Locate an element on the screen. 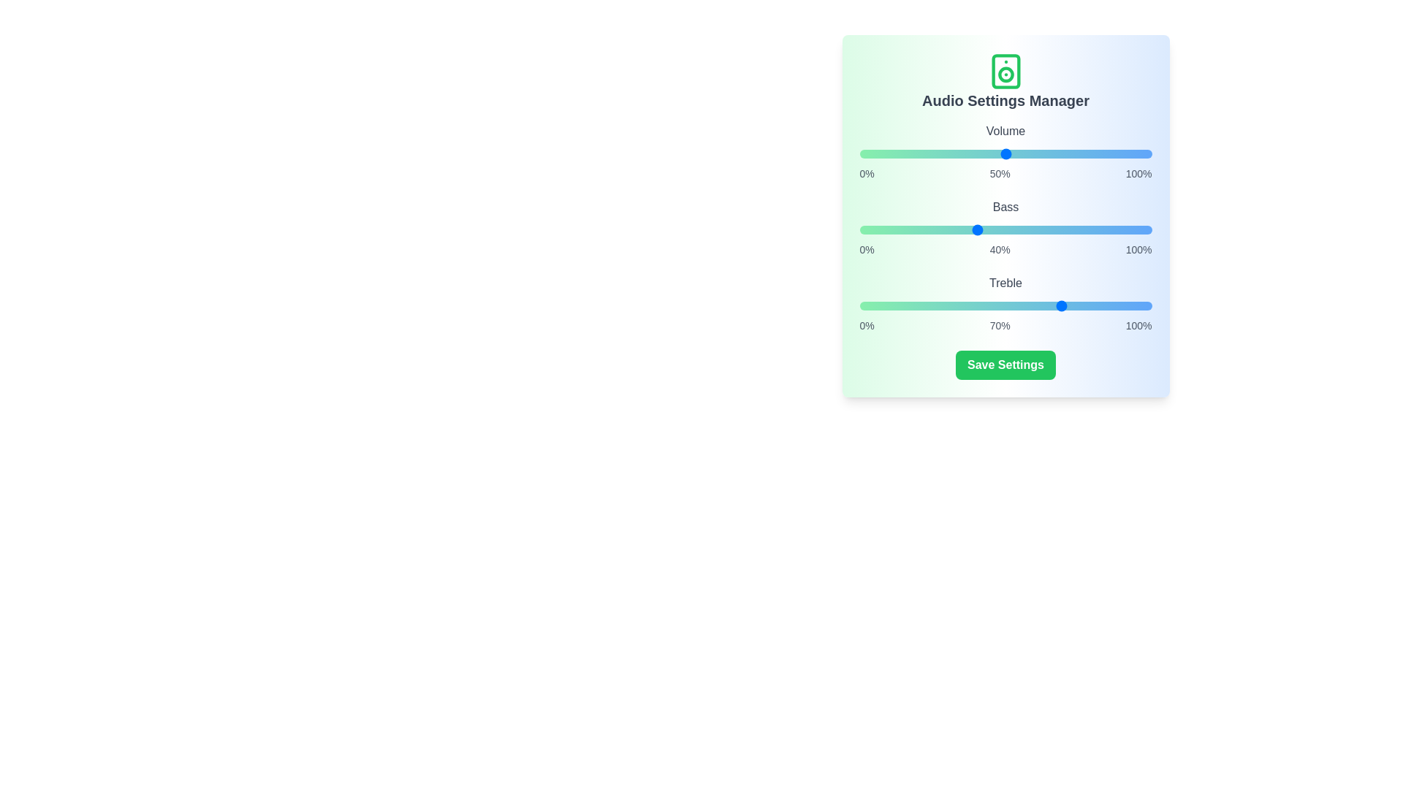 The image size is (1403, 789). the treble slider to 1% is located at coordinates (862, 305).